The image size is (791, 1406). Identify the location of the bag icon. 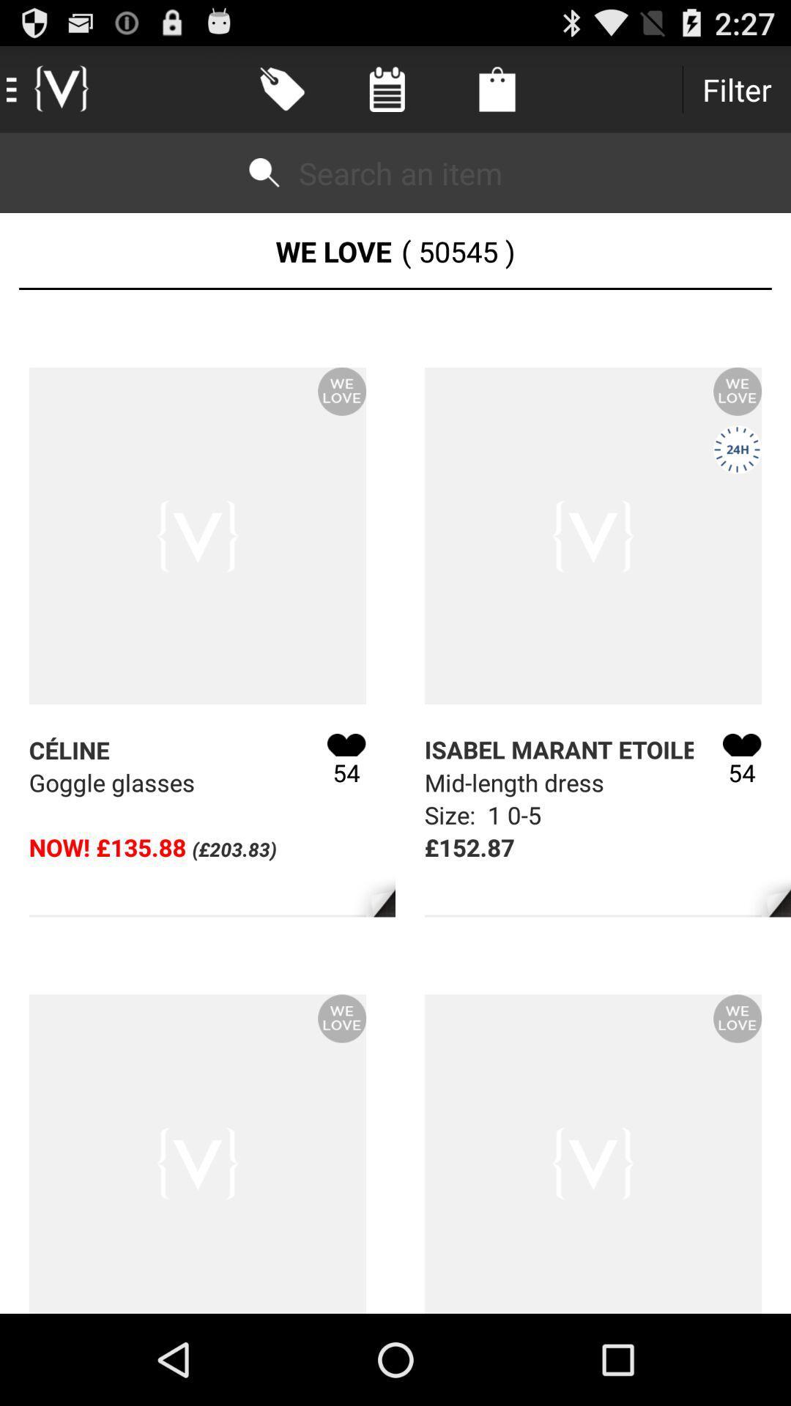
(496, 89).